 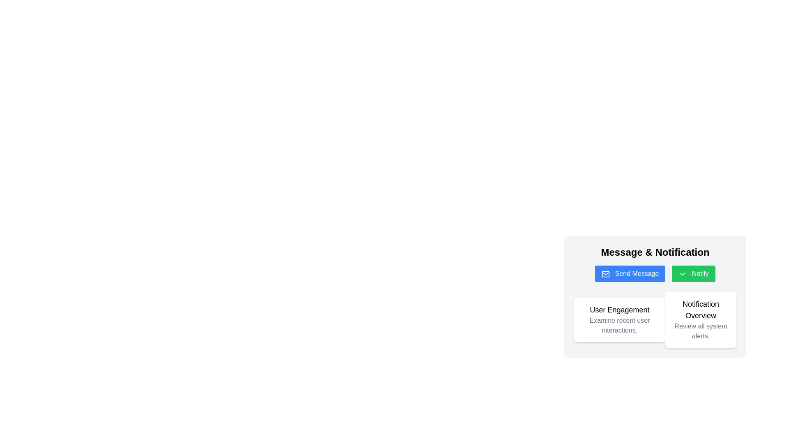 I want to click on the 'Send Message' button with a bright blue background and white text to interact, so click(x=630, y=274).